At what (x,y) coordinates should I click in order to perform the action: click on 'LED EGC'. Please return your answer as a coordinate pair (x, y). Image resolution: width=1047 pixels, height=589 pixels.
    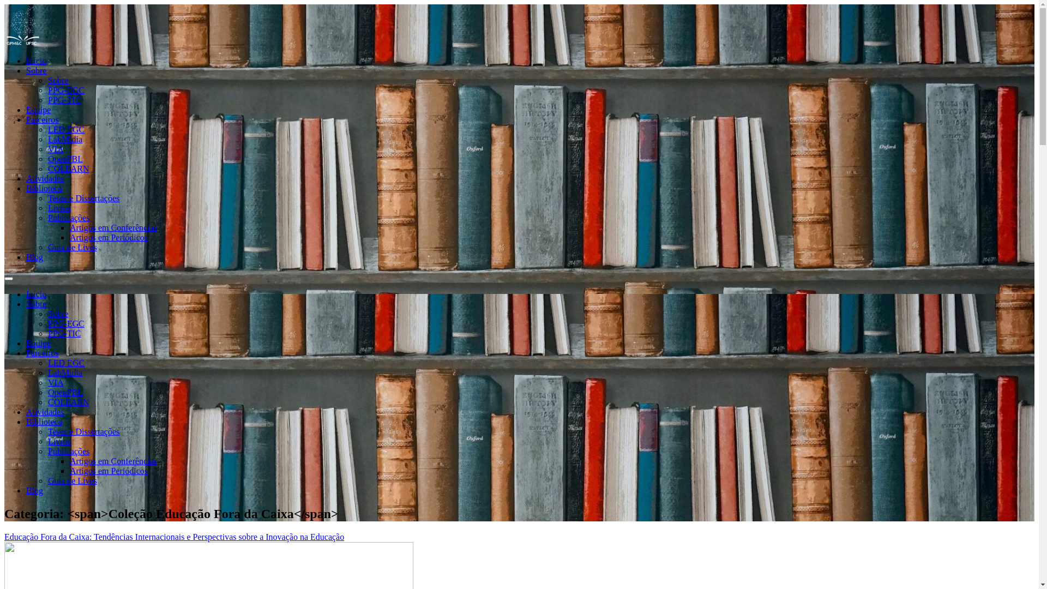
    Looking at the image, I should click on (65, 129).